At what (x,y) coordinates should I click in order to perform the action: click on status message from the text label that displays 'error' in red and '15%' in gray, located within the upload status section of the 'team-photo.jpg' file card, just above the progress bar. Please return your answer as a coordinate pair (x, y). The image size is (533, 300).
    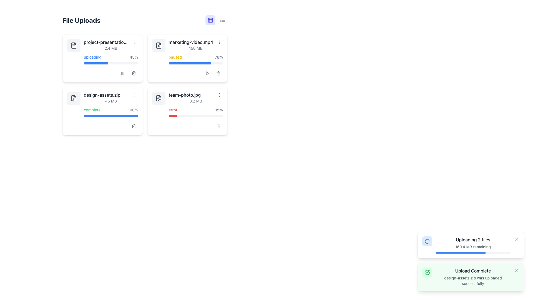
    Looking at the image, I should click on (196, 110).